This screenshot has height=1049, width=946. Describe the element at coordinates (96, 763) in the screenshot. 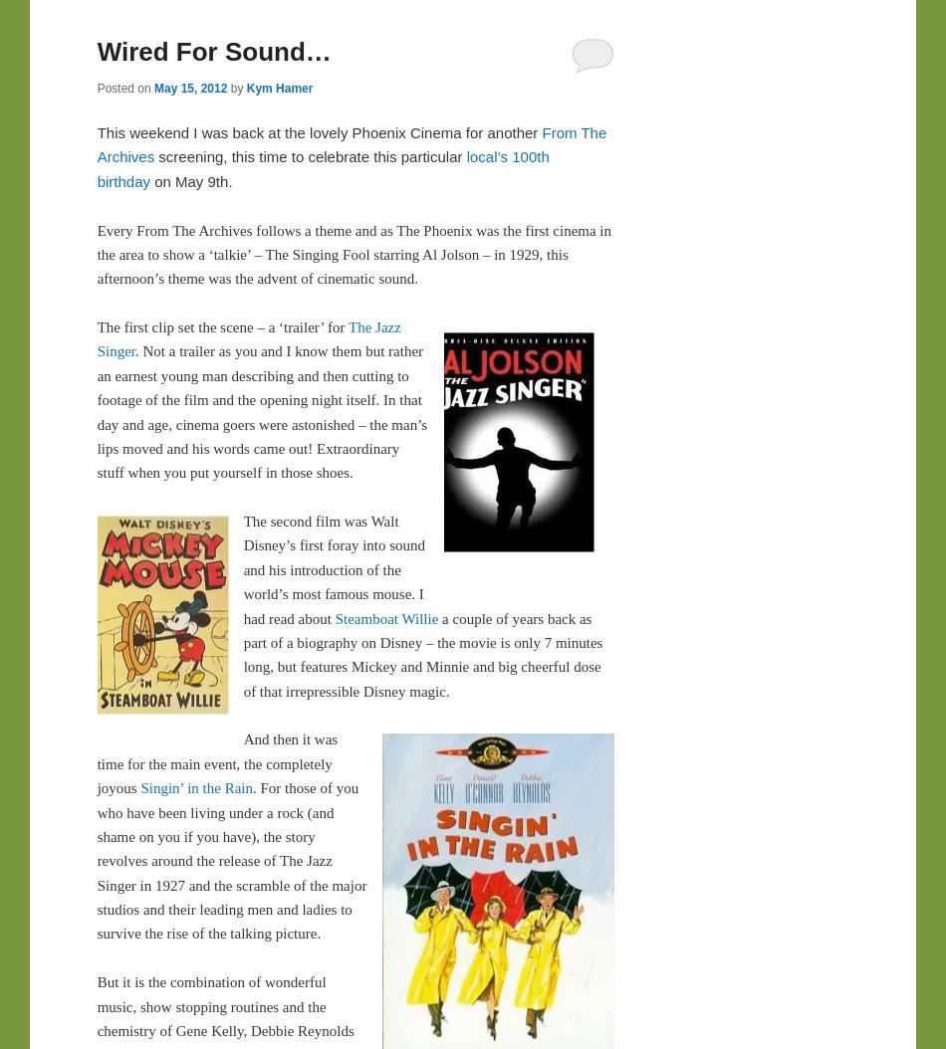

I see `'And then it was time for the main event, the completely joyous'` at that location.